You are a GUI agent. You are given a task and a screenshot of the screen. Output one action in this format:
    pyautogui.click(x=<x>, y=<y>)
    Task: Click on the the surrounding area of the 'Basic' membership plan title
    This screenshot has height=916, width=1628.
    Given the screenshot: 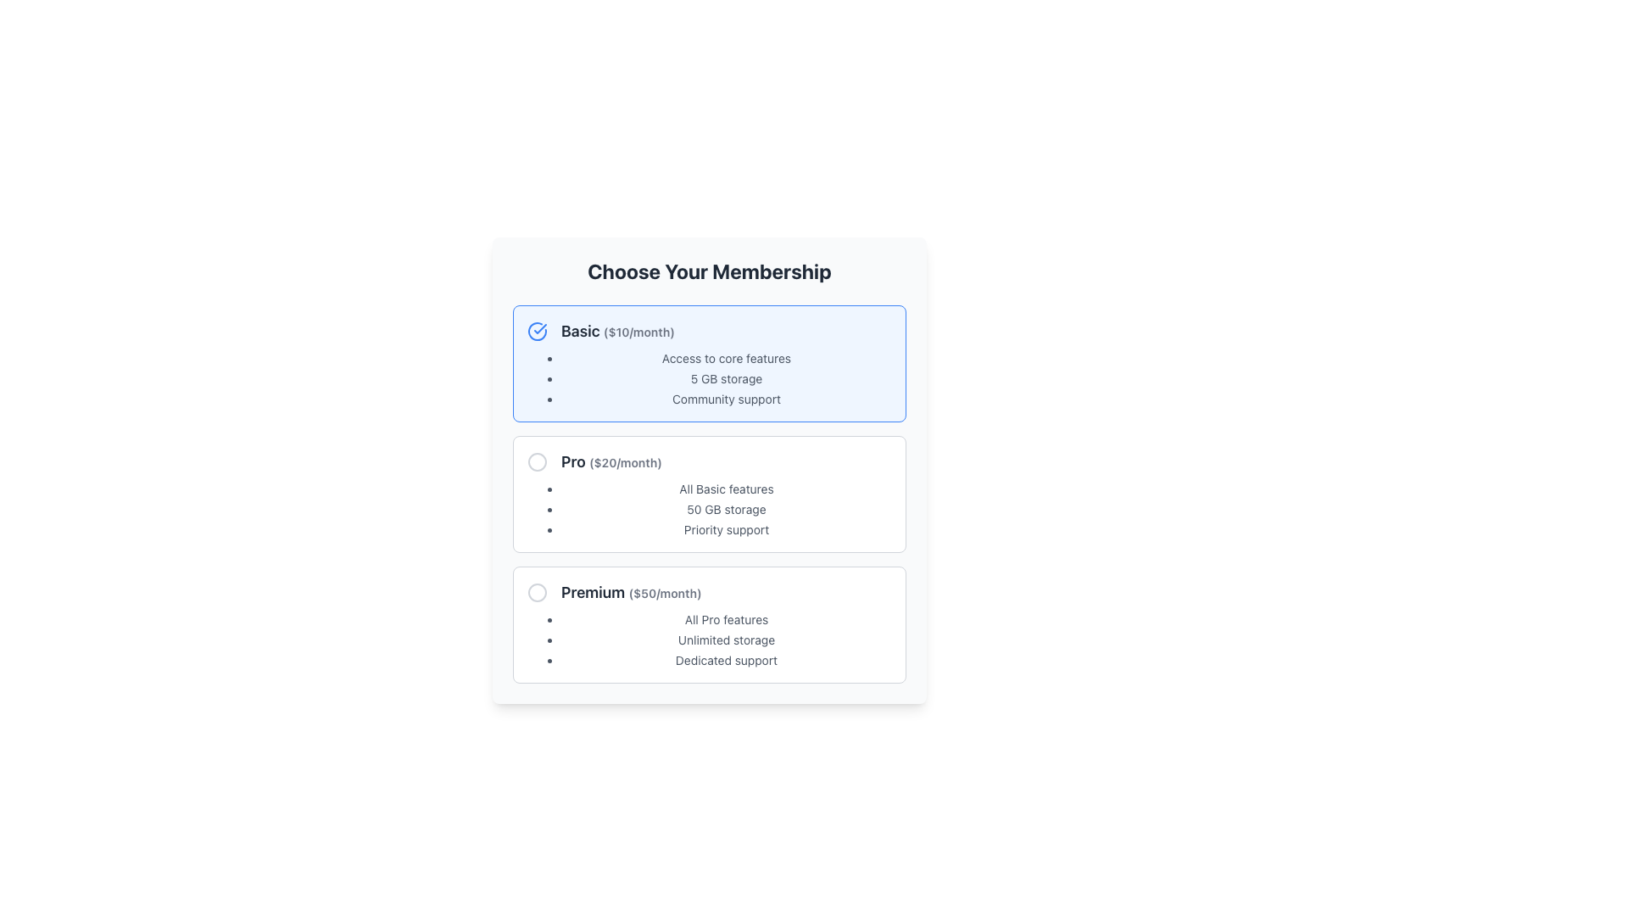 What is the action you would take?
    pyautogui.click(x=709, y=331)
    